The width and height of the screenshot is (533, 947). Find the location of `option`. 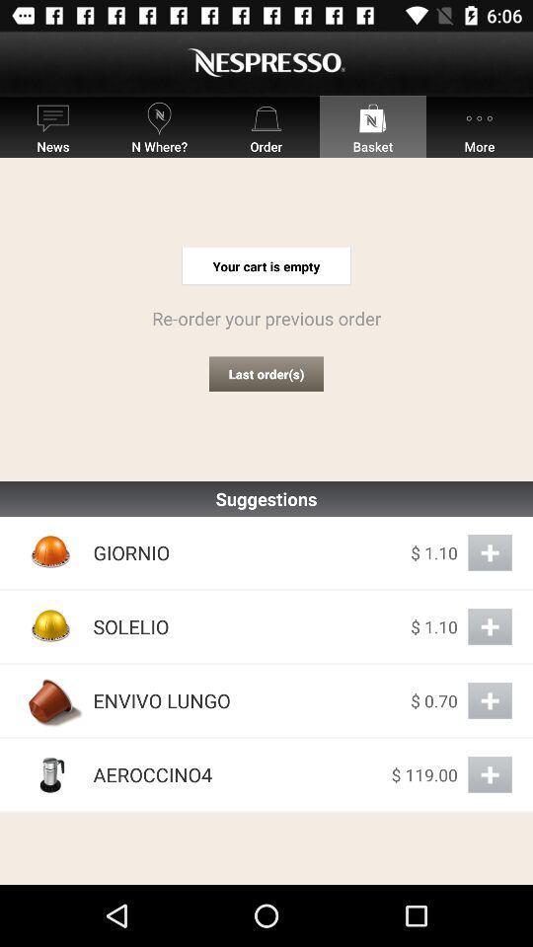

option is located at coordinates (489, 774).